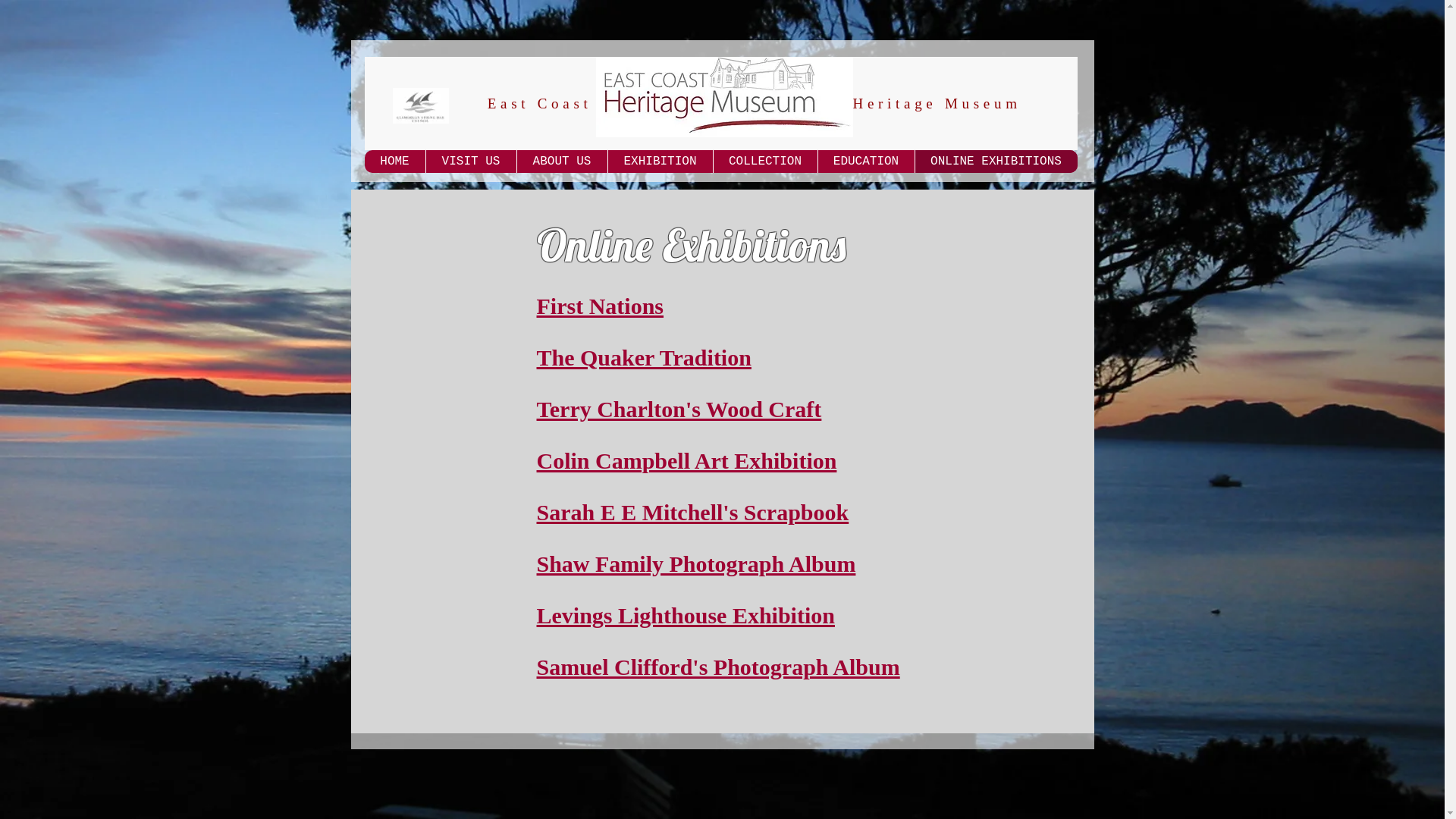 Image resolution: width=1456 pixels, height=819 pixels. I want to click on 'The Quaker Tradition', so click(644, 370).